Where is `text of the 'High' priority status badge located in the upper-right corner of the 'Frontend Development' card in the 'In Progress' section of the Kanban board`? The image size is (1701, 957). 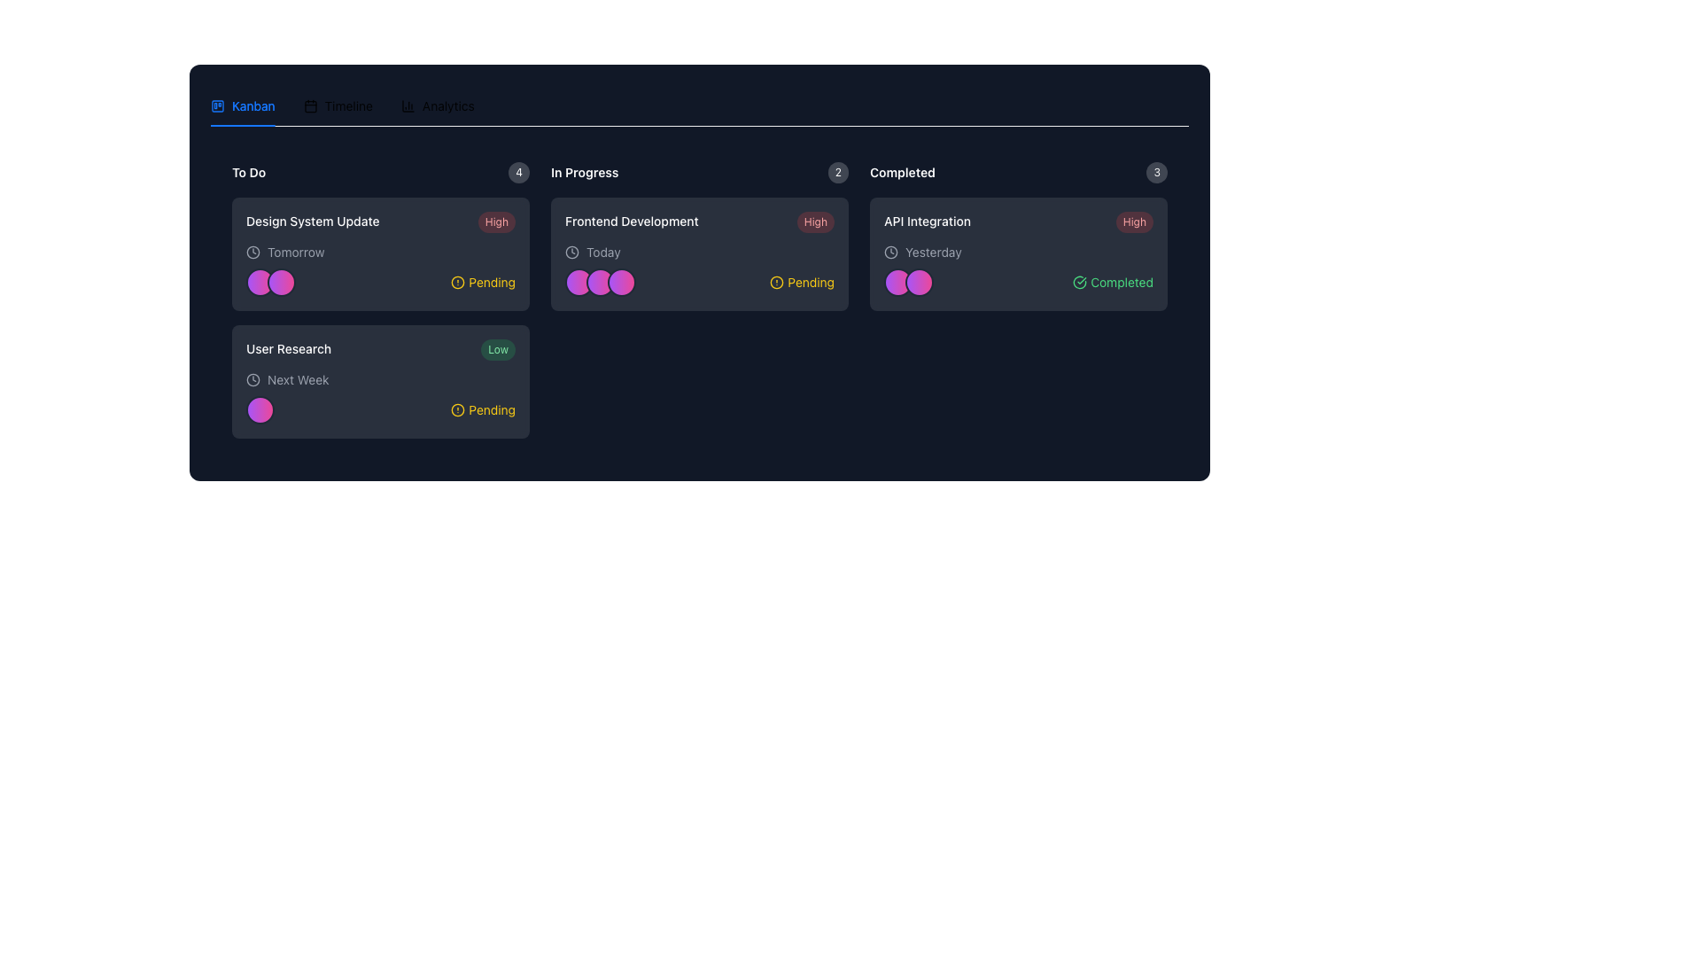 text of the 'High' priority status badge located in the upper-right corner of the 'Frontend Development' card in the 'In Progress' section of the Kanban board is located at coordinates (814, 221).